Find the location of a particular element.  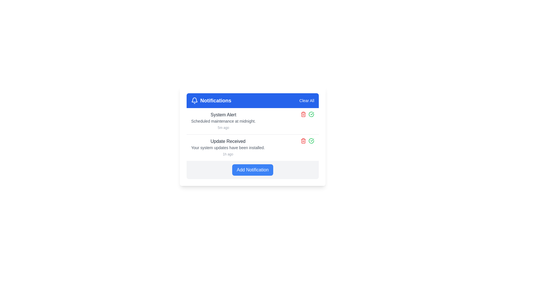

the delete button icon located in the 'System Alert' notification, positioned on the right-hand side next to a green checkmark icon is located at coordinates (303, 141).